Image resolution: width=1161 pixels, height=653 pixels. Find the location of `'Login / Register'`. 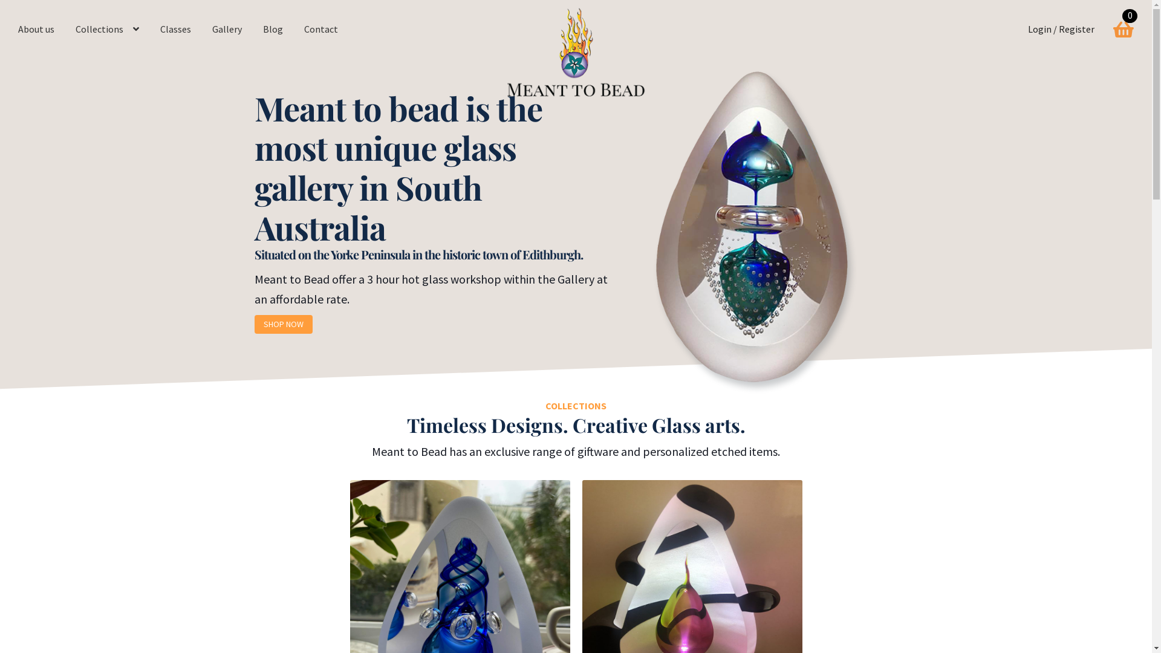

'Login / Register' is located at coordinates (1061, 29).